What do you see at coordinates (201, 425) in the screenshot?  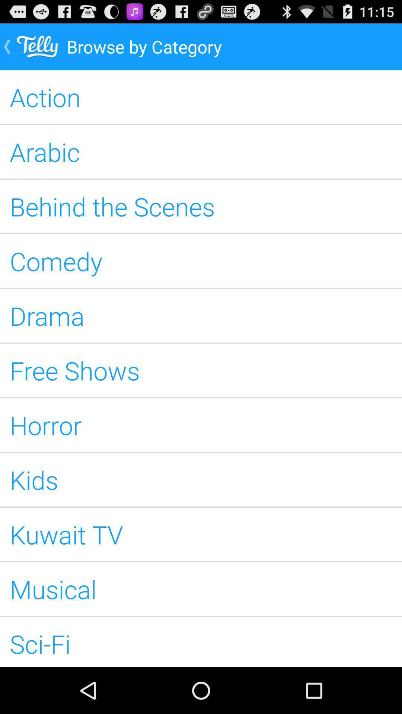 I see `the horror app` at bounding box center [201, 425].